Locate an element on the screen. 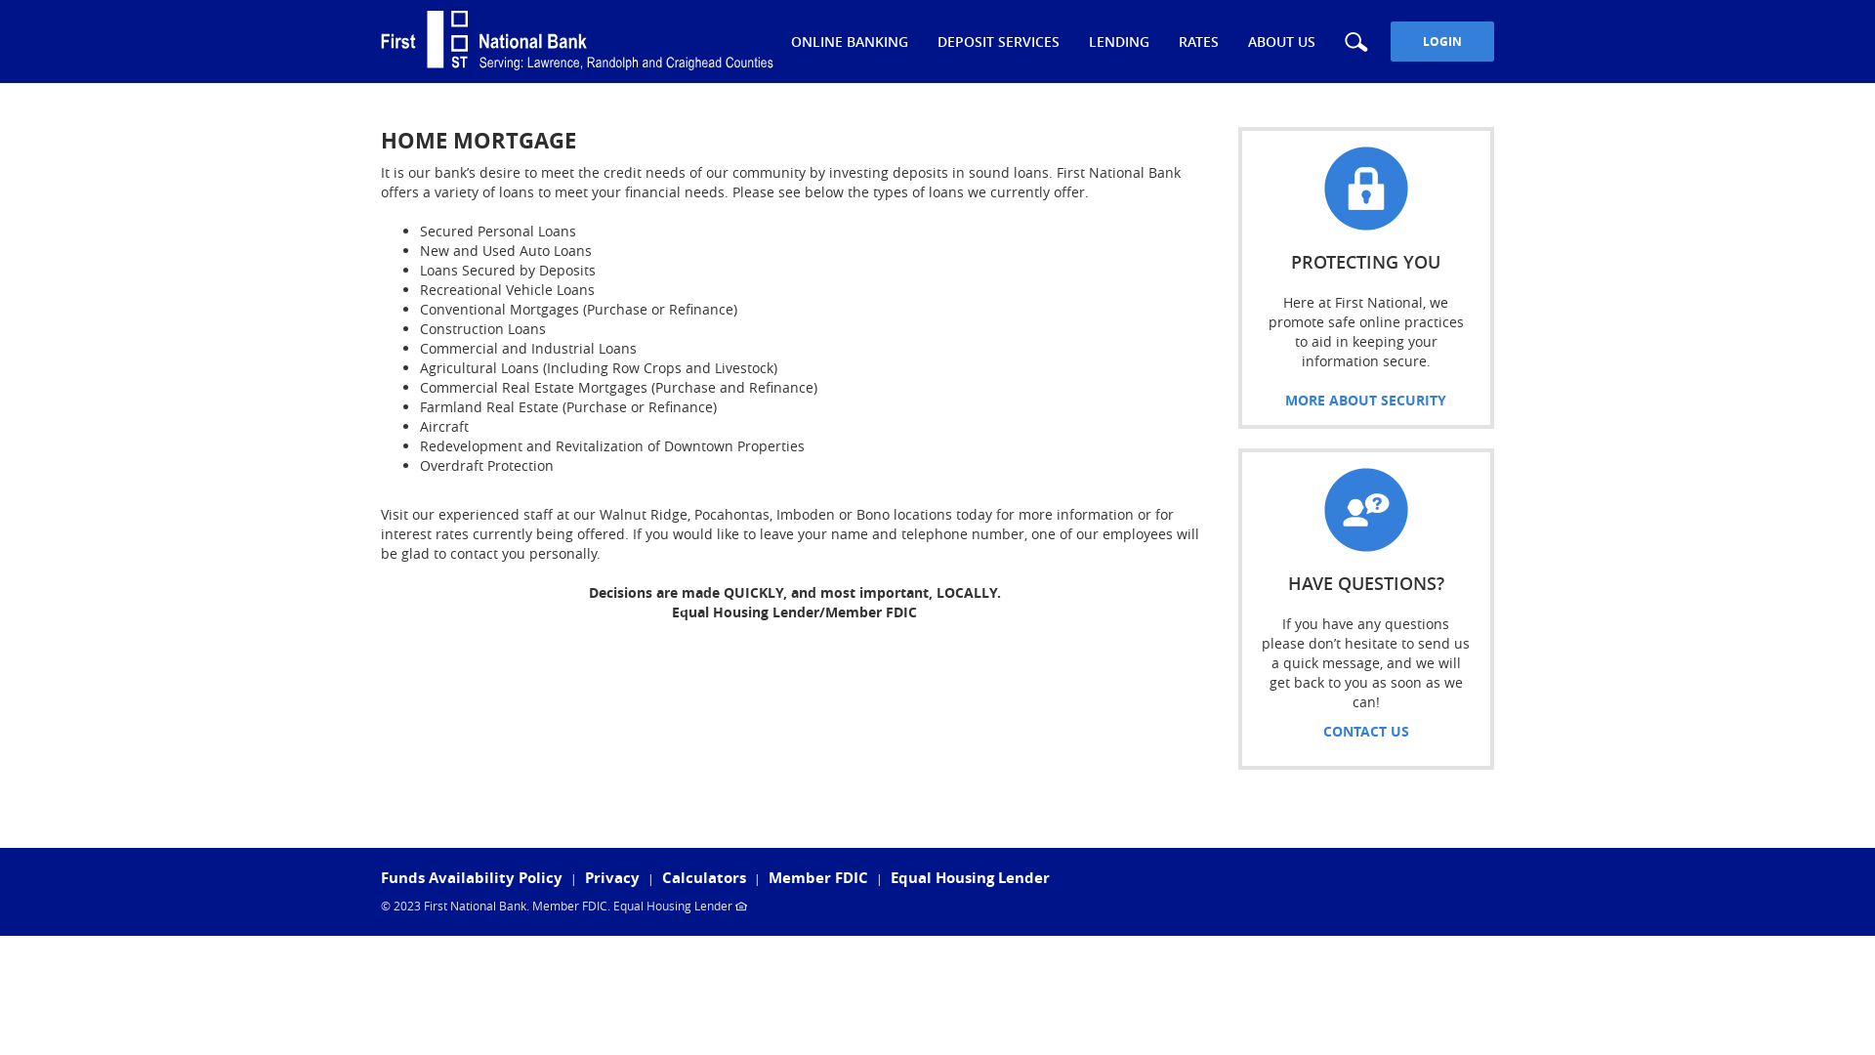  'LOGIN' is located at coordinates (1442, 41).